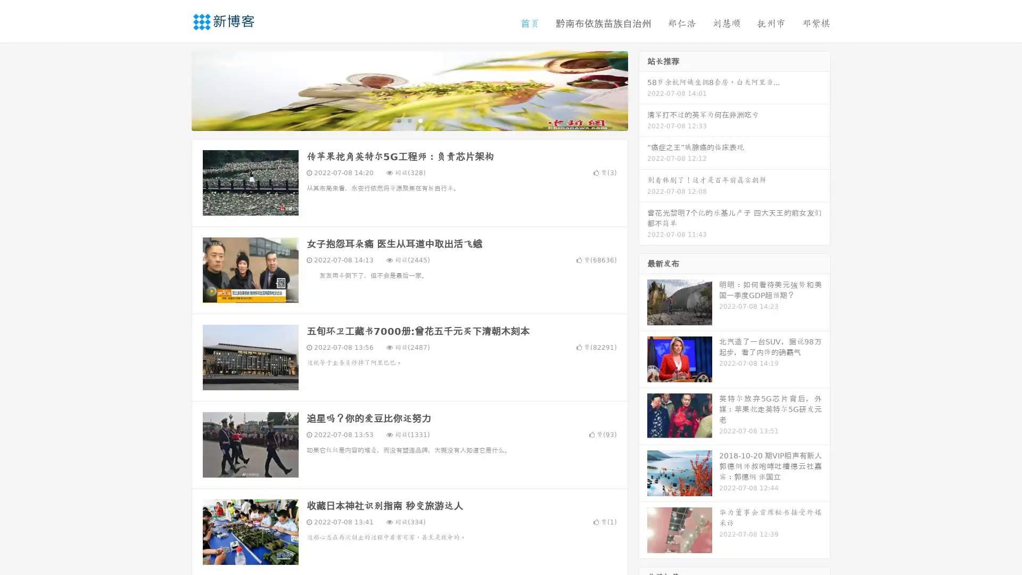 Image resolution: width=1022 pixels, height=575 pixels. What do you see at coordinates (643, 89) in the screenshot?
I see `Next slide` at bounding box center [643, 89].